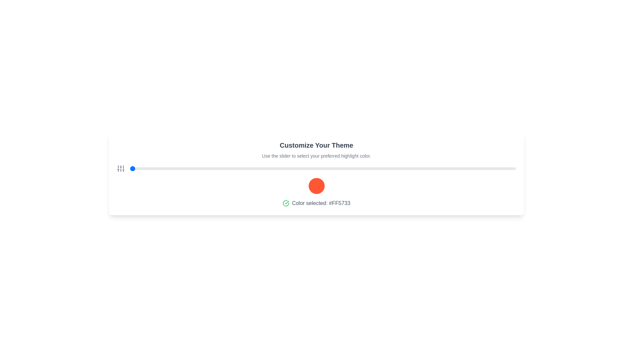 The width and height of the screenshot is (640, 360). I want to click on the slider, so click(246, 168).